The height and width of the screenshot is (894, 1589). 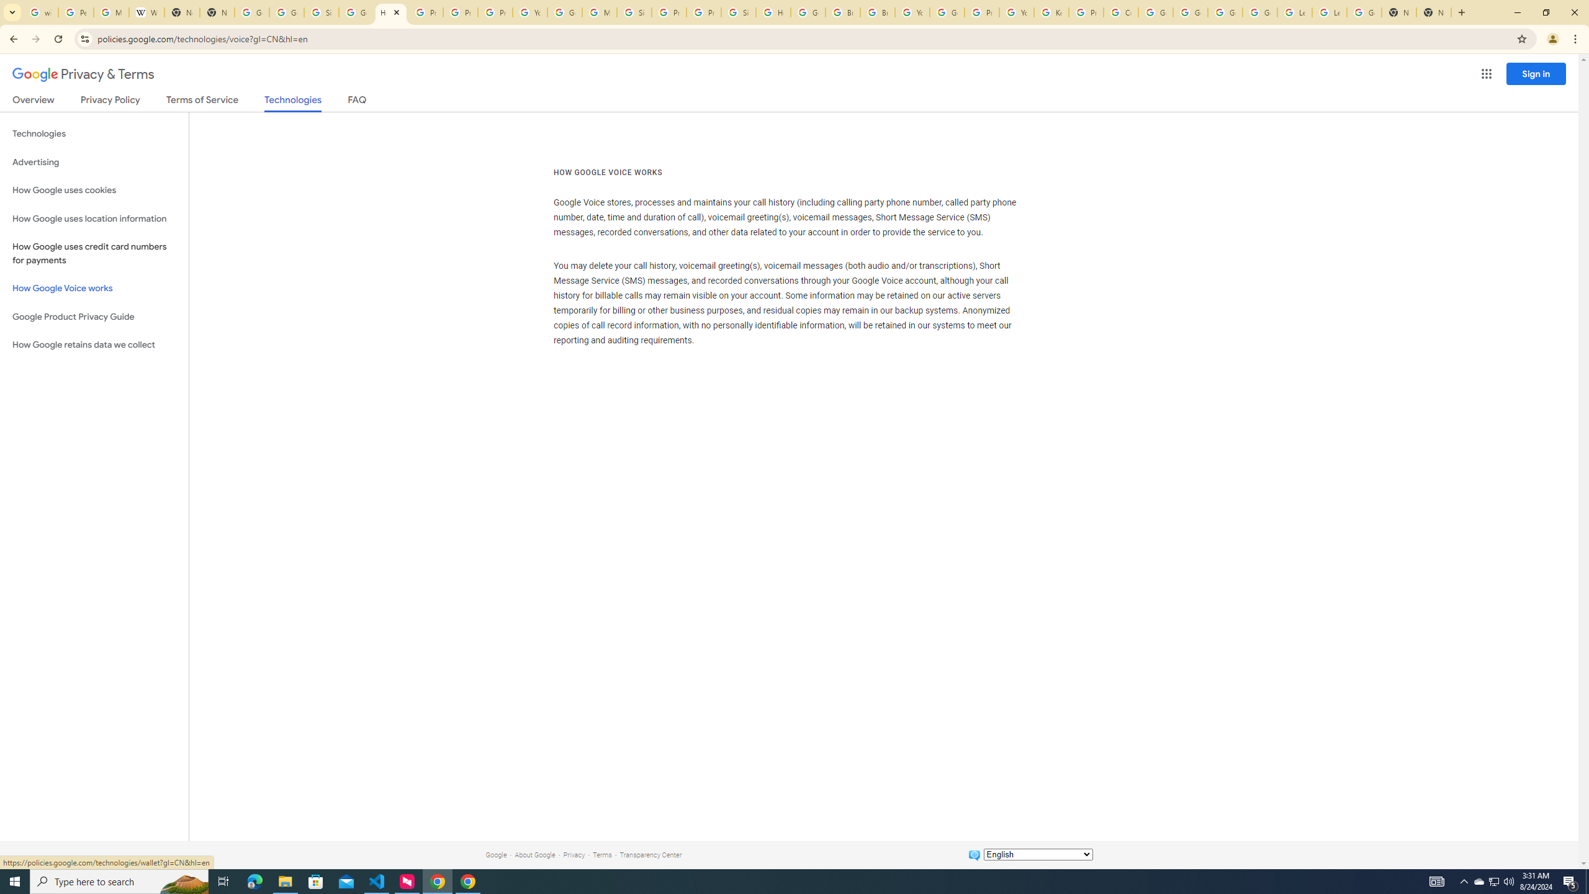 I want to click on 'Transparency Center', so click(x=650, y=854).